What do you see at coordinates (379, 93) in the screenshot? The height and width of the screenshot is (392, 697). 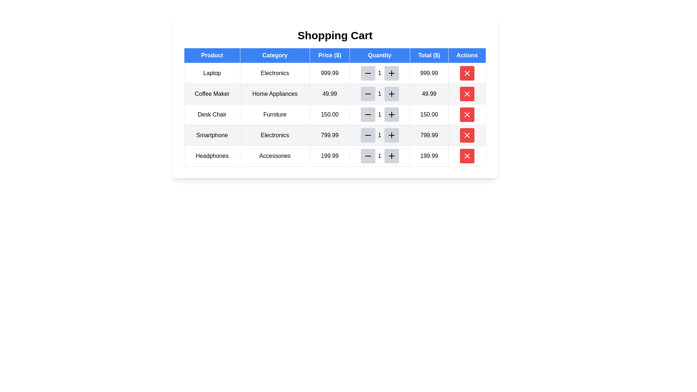 I see `the Text Display in the 'Quantity' column of the 'Home Appliances' row in the 'Shopping Cart' to focus on it` at bounding box center [379, 93].